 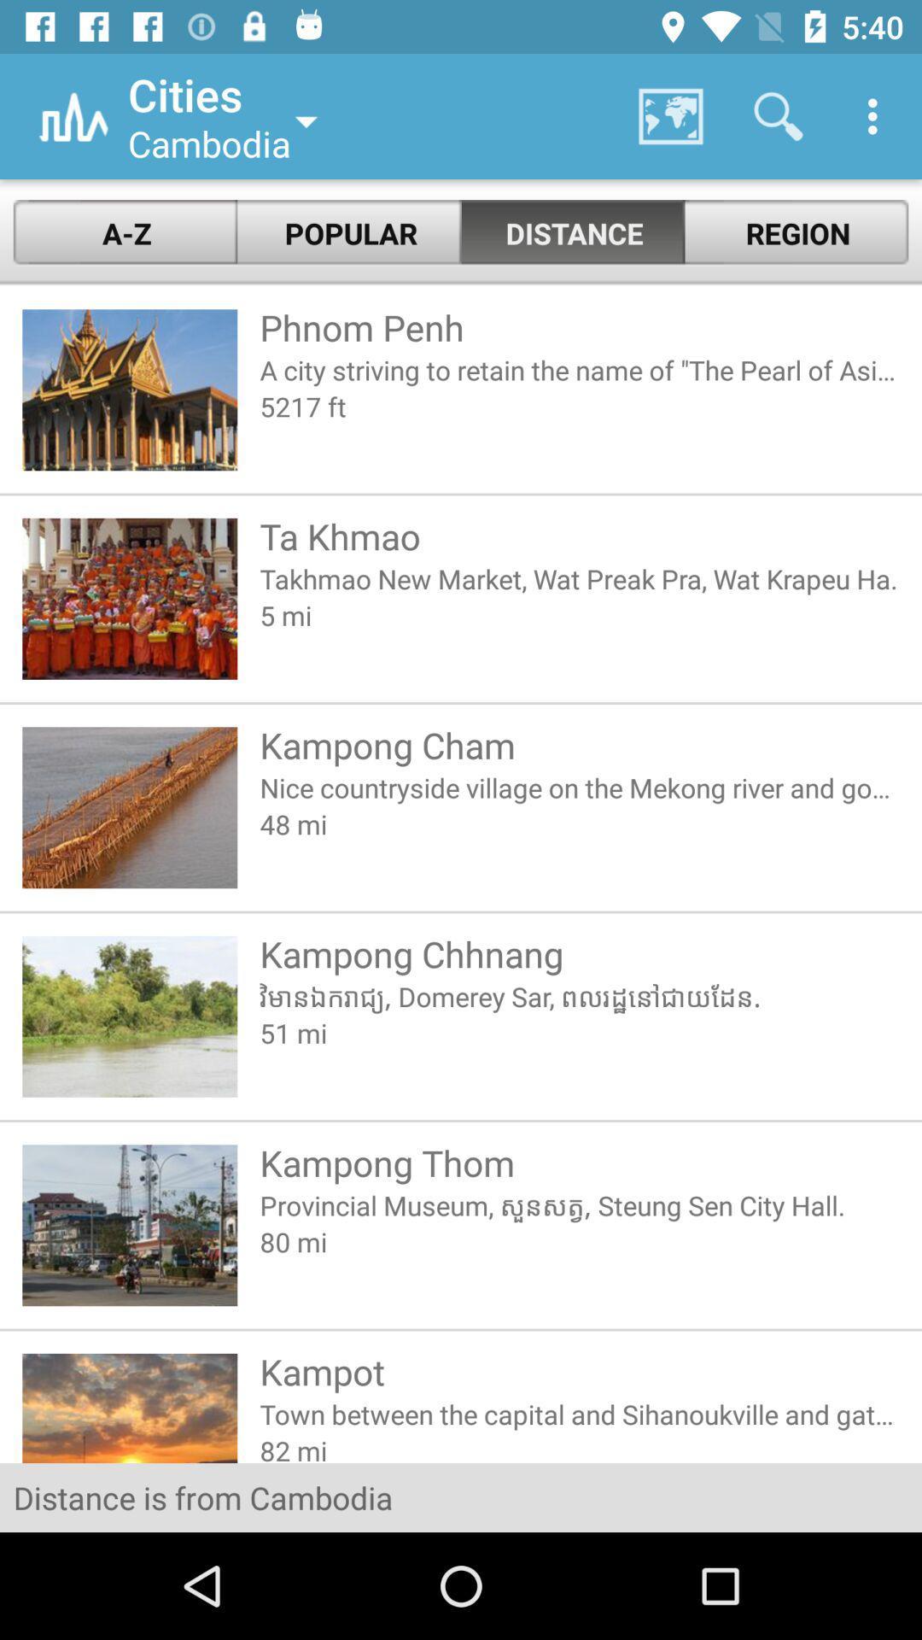 I want to click on the takhmao new market item, so click(x=579, y=578).